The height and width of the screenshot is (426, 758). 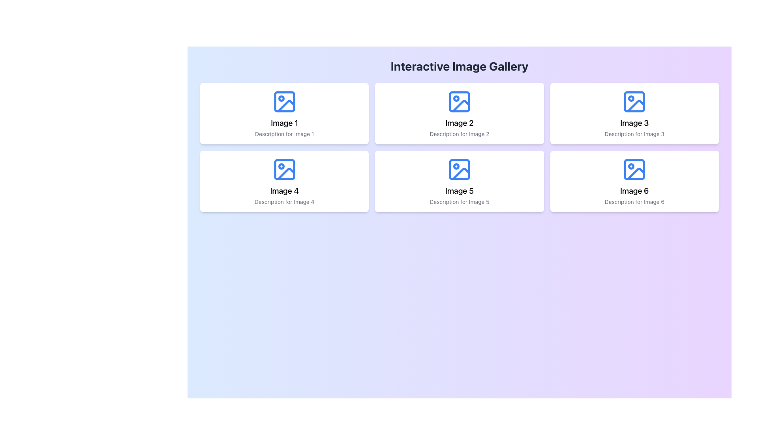 What do you see at coordinates (456, 98) in the screenshot?
I see `the small circular SVG element that is centrally aligned inside the second image icon of the displayed image cards in the gallery` at bounding box center [456, 98].